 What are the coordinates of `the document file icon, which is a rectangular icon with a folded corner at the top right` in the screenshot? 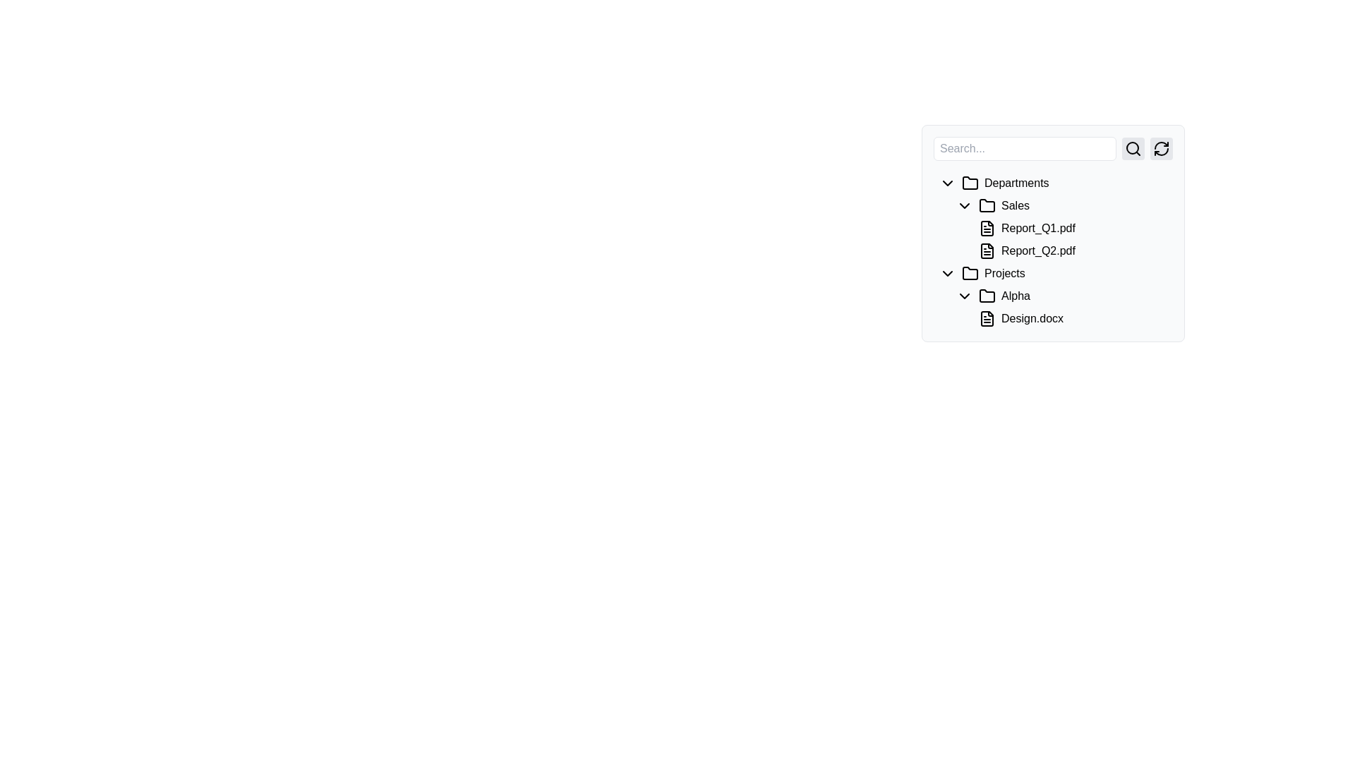 It's located at (986, 318).